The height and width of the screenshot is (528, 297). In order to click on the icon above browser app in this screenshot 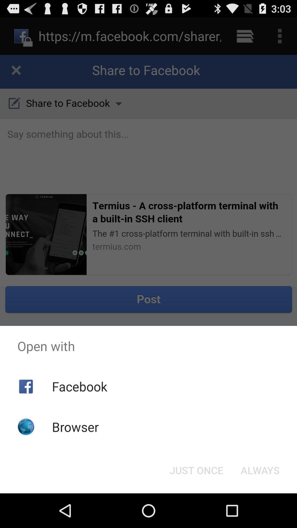, I will do `click(79, 386)`.